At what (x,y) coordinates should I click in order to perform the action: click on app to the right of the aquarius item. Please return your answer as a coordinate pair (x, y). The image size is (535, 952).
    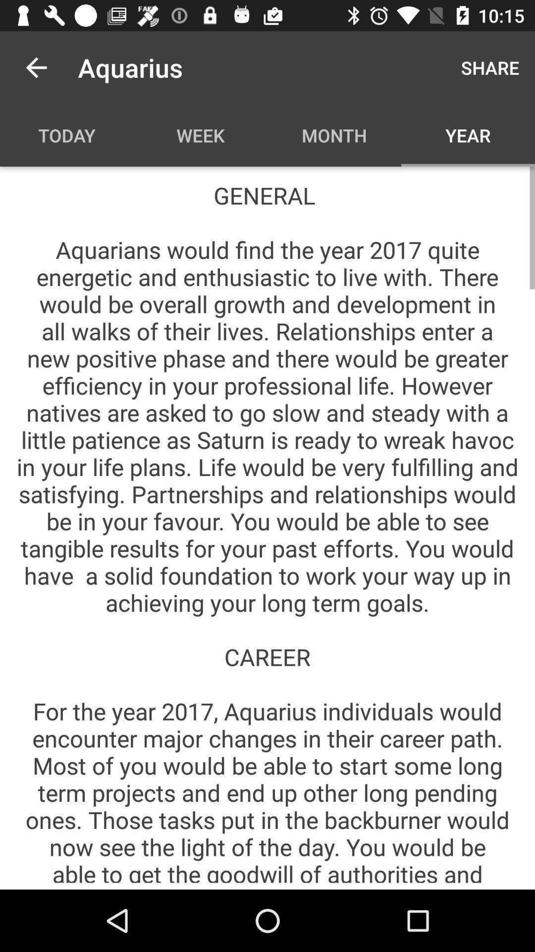
    Looking at the image, I should click on (489, 67).